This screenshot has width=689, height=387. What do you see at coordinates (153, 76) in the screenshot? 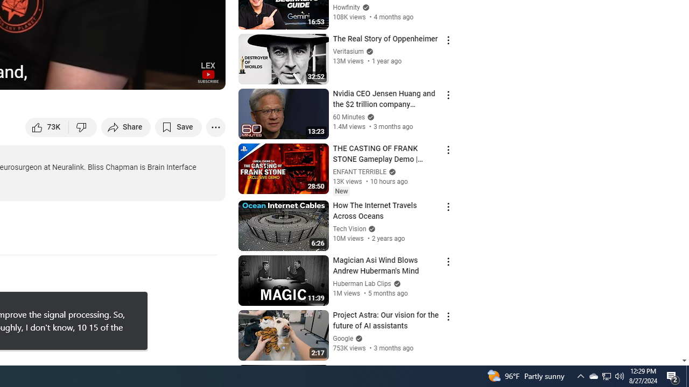
I see `'Miniplayer (i)'` at bounding box center [153, 76].